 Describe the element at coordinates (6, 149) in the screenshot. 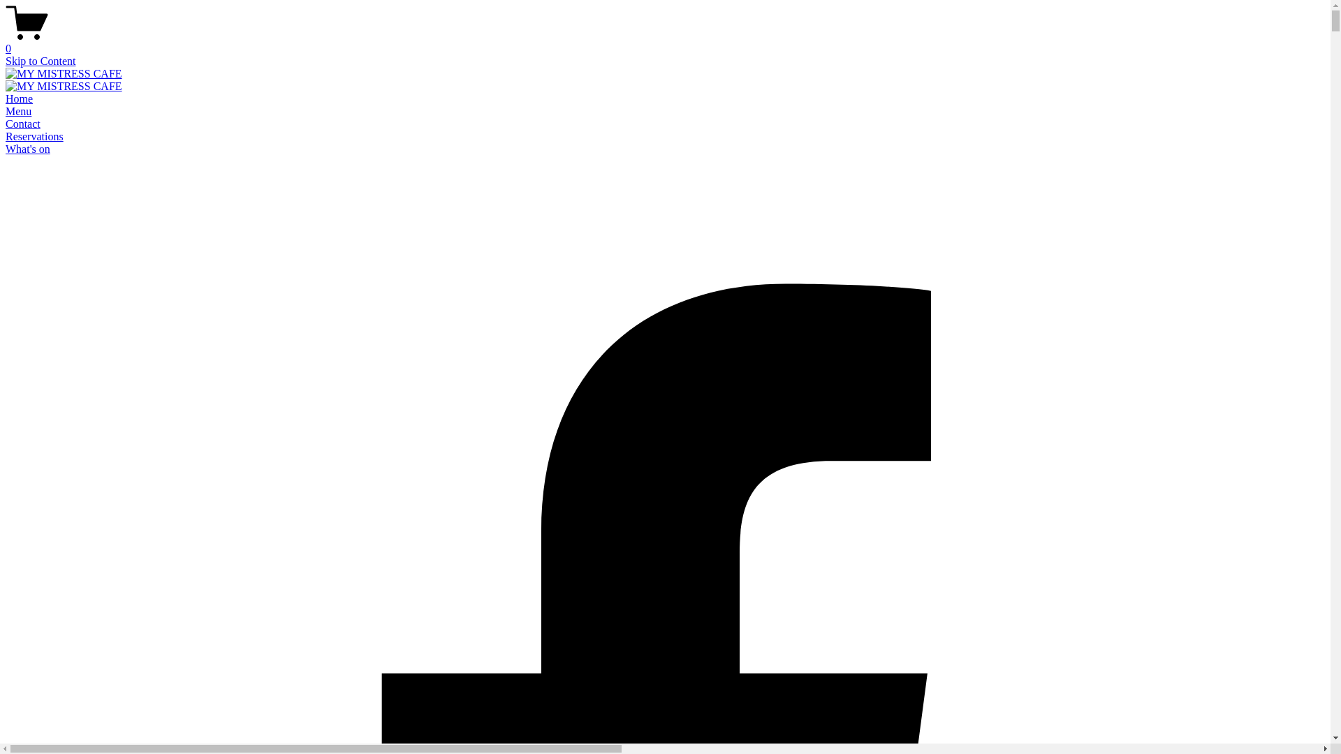

I see `'What's on'` at that location.